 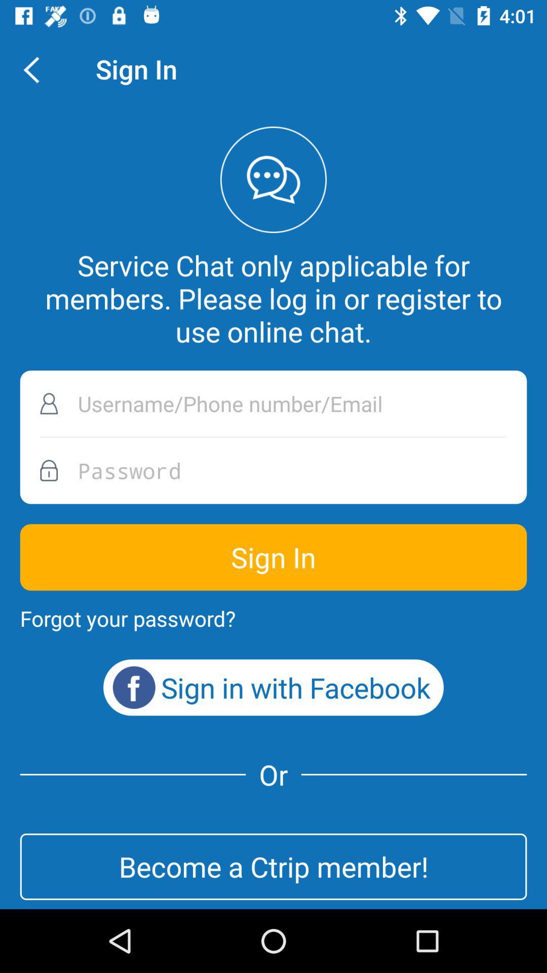 I want to click on the icon next to the sign in, so click(x=36, y=68).